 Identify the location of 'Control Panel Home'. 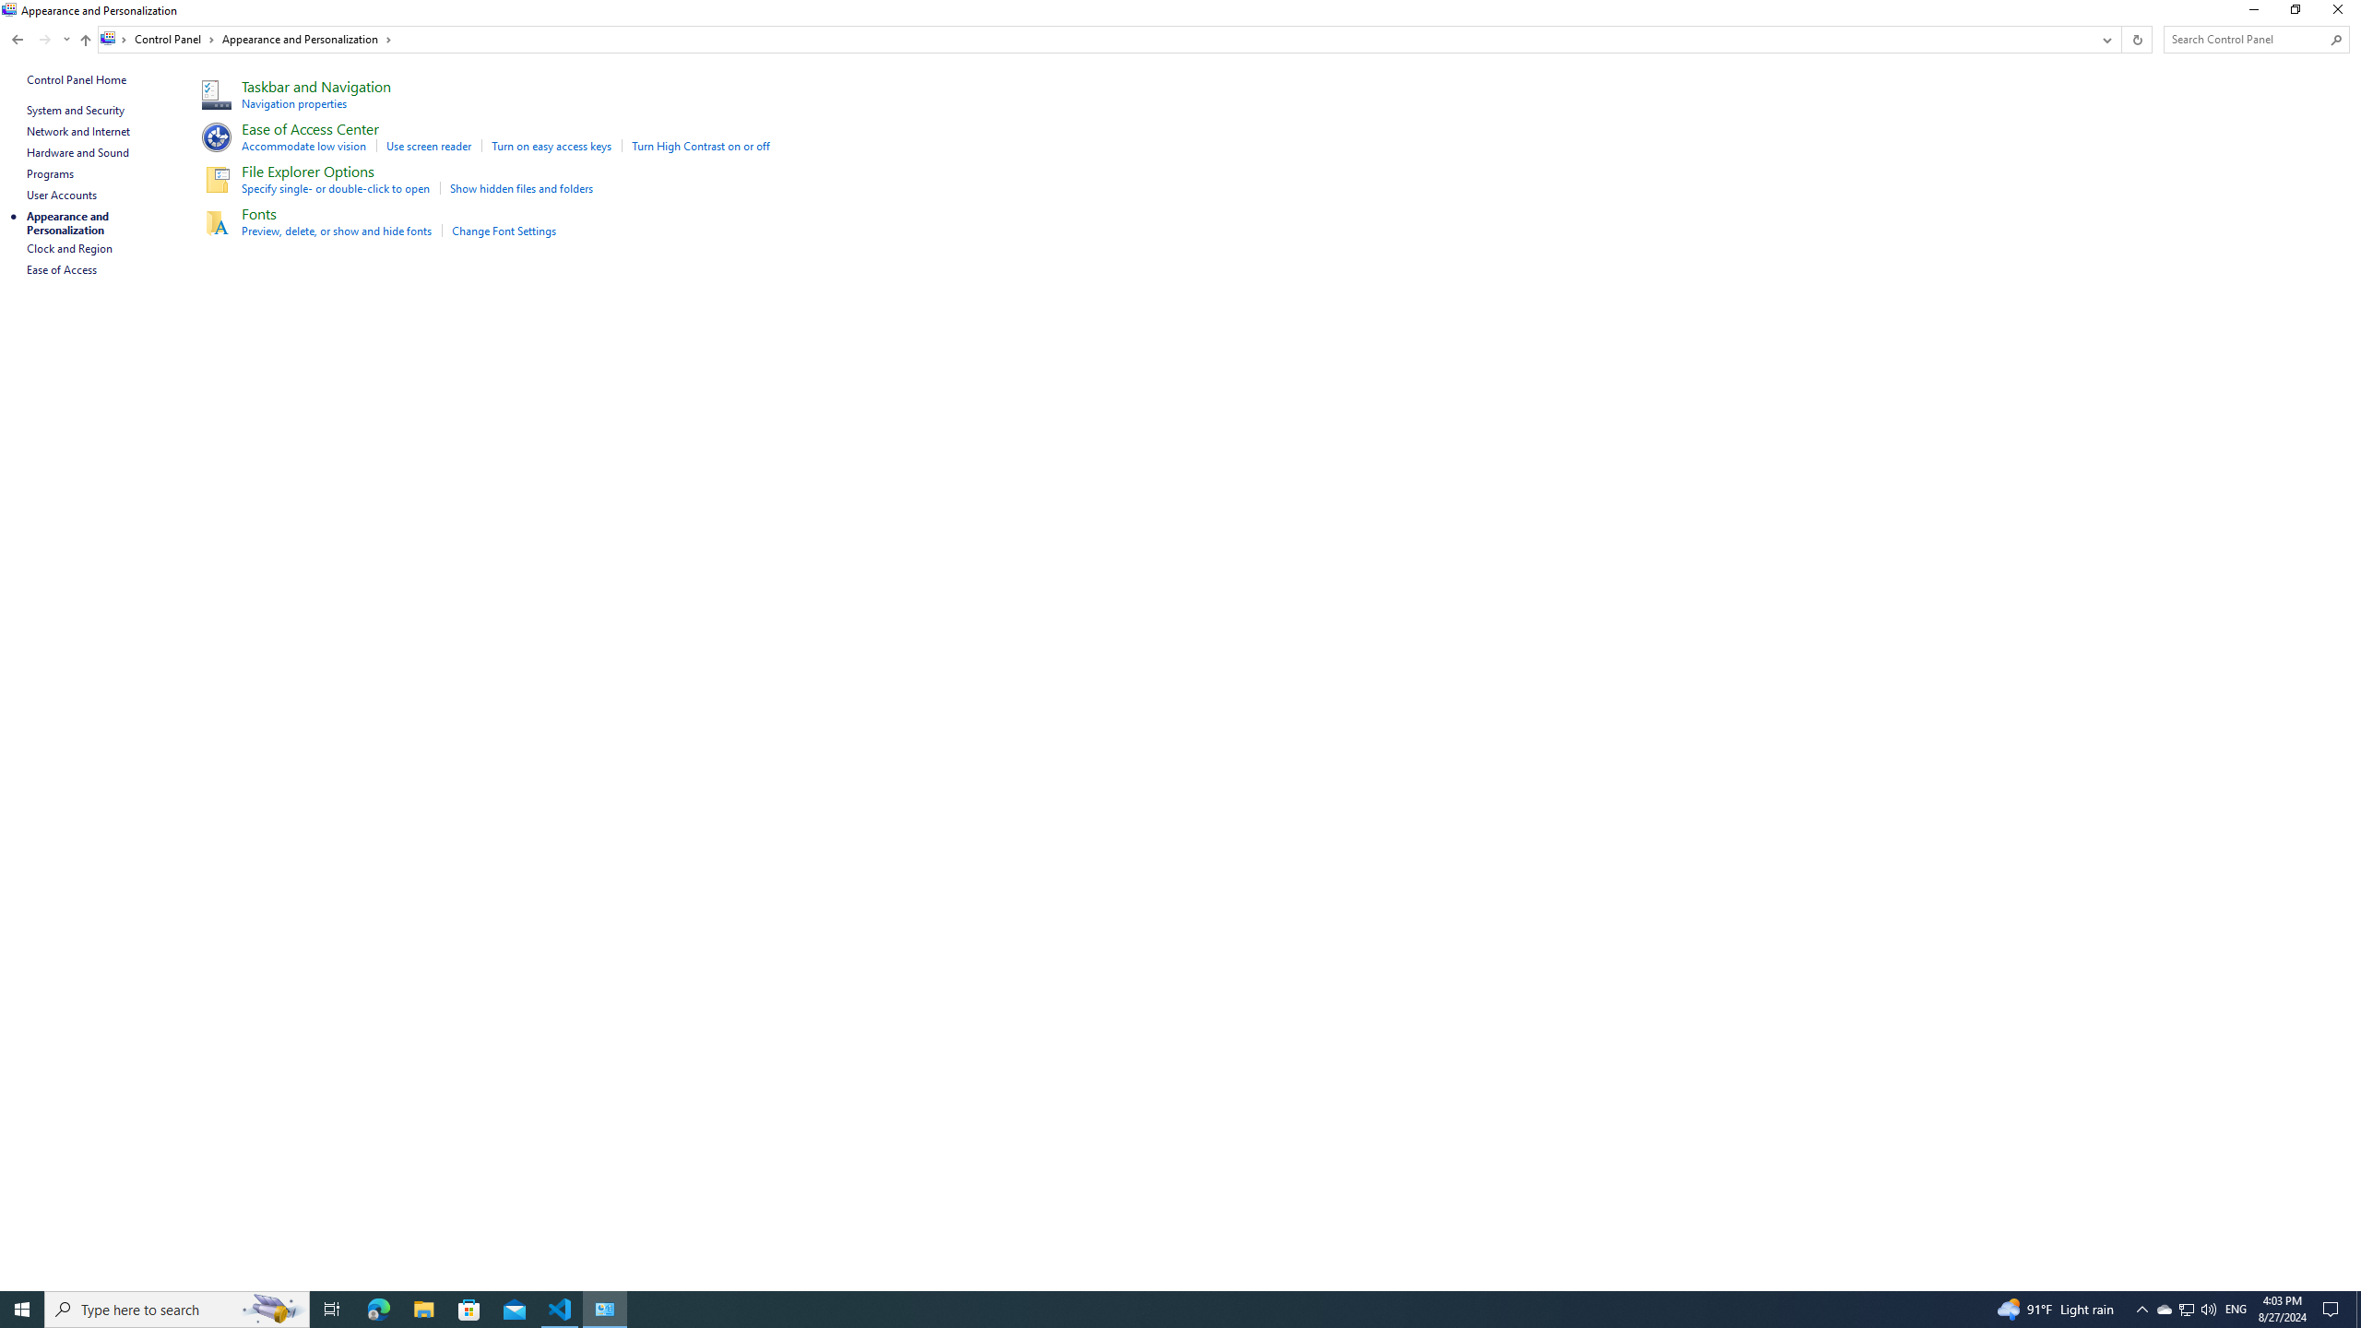
(76, 78).